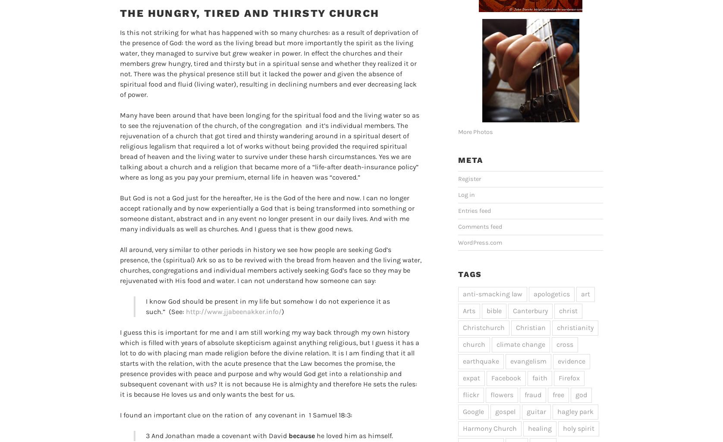 The height and width of the screenshot is (442, 723). I want to click on 'All around, very similar to other periods in history we see how people are seeking God’s presence, the (spiritual) Ark so as to be revived with the bread from heaven and the living water, churches, congregations and individual members actively seeking God’s face so they may be rejuvenated with His food and water. I can not understand how someone can say:', so click(119, 264).